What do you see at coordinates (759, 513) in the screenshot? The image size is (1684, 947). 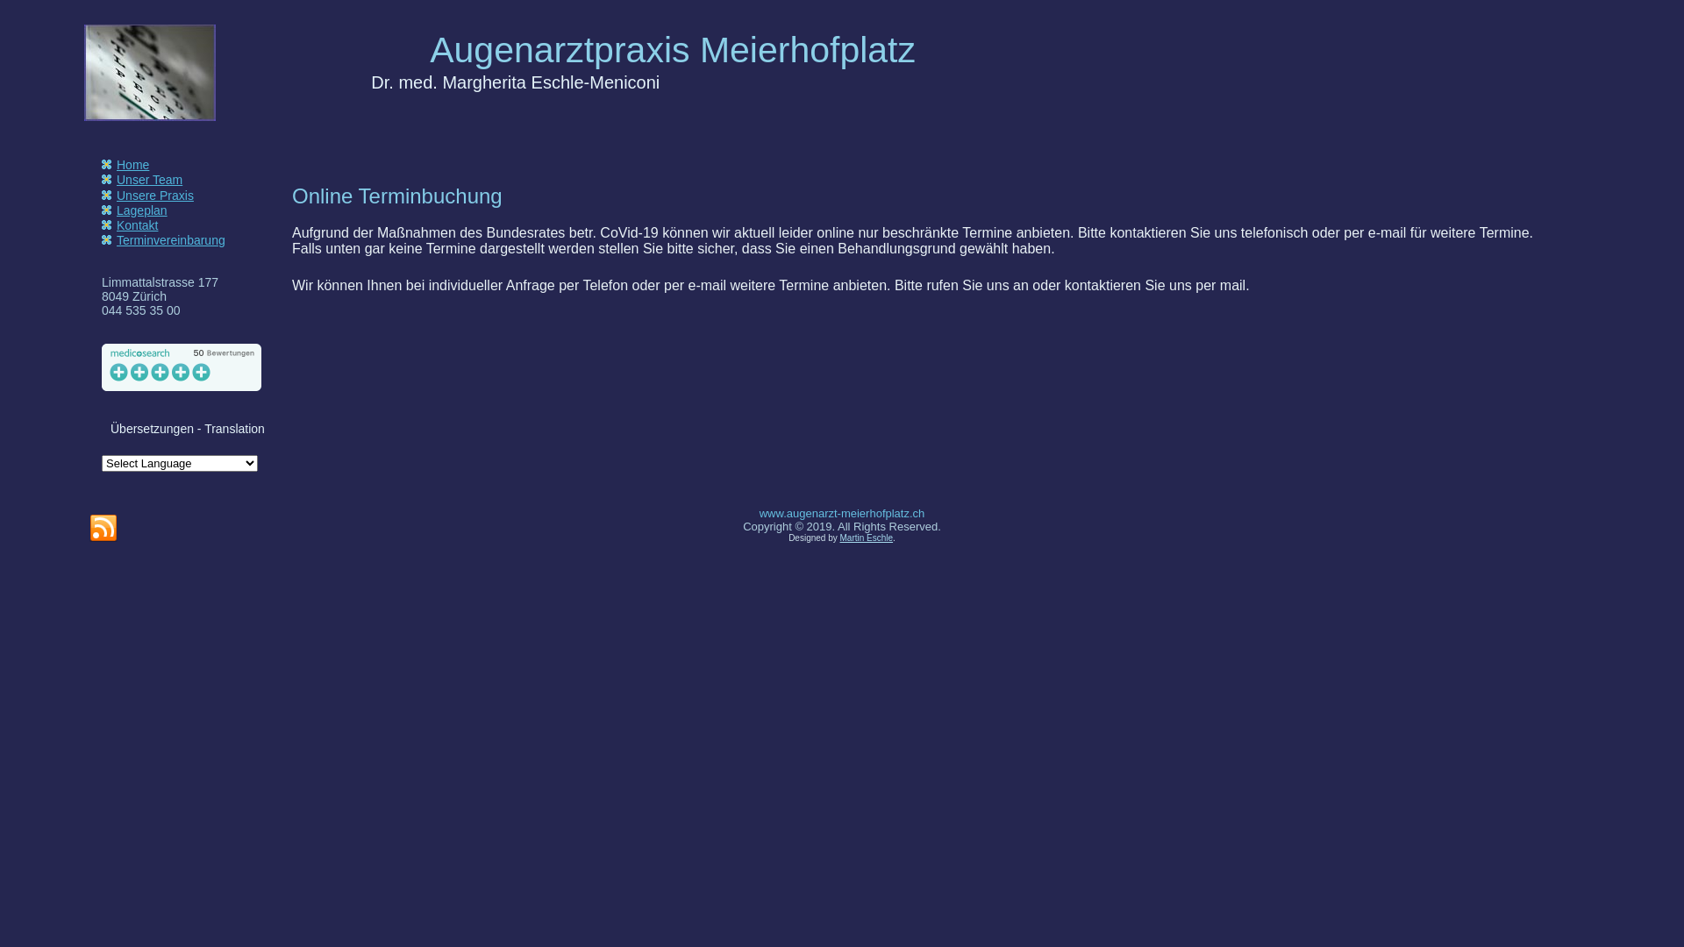 I see `'www.augenarzt-meierhofplatz.ch'` at bounding box center [759, 513].